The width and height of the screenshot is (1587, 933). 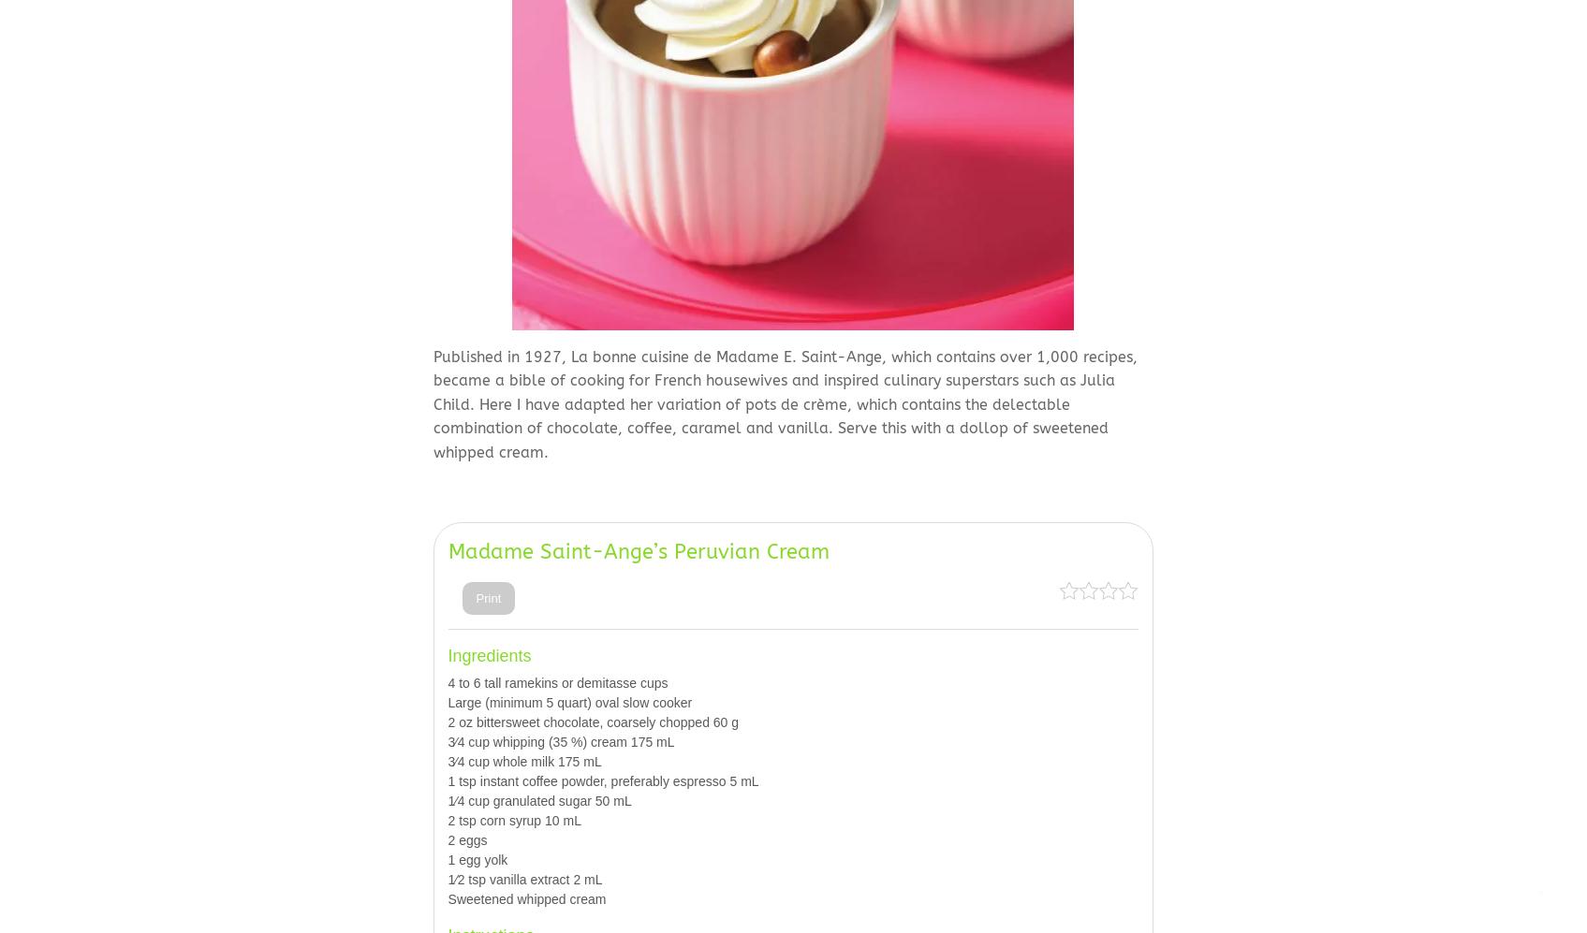 I want to click on '1⁄2 tsp            vanilla extract  2 mL', so click(x=446, y=879).